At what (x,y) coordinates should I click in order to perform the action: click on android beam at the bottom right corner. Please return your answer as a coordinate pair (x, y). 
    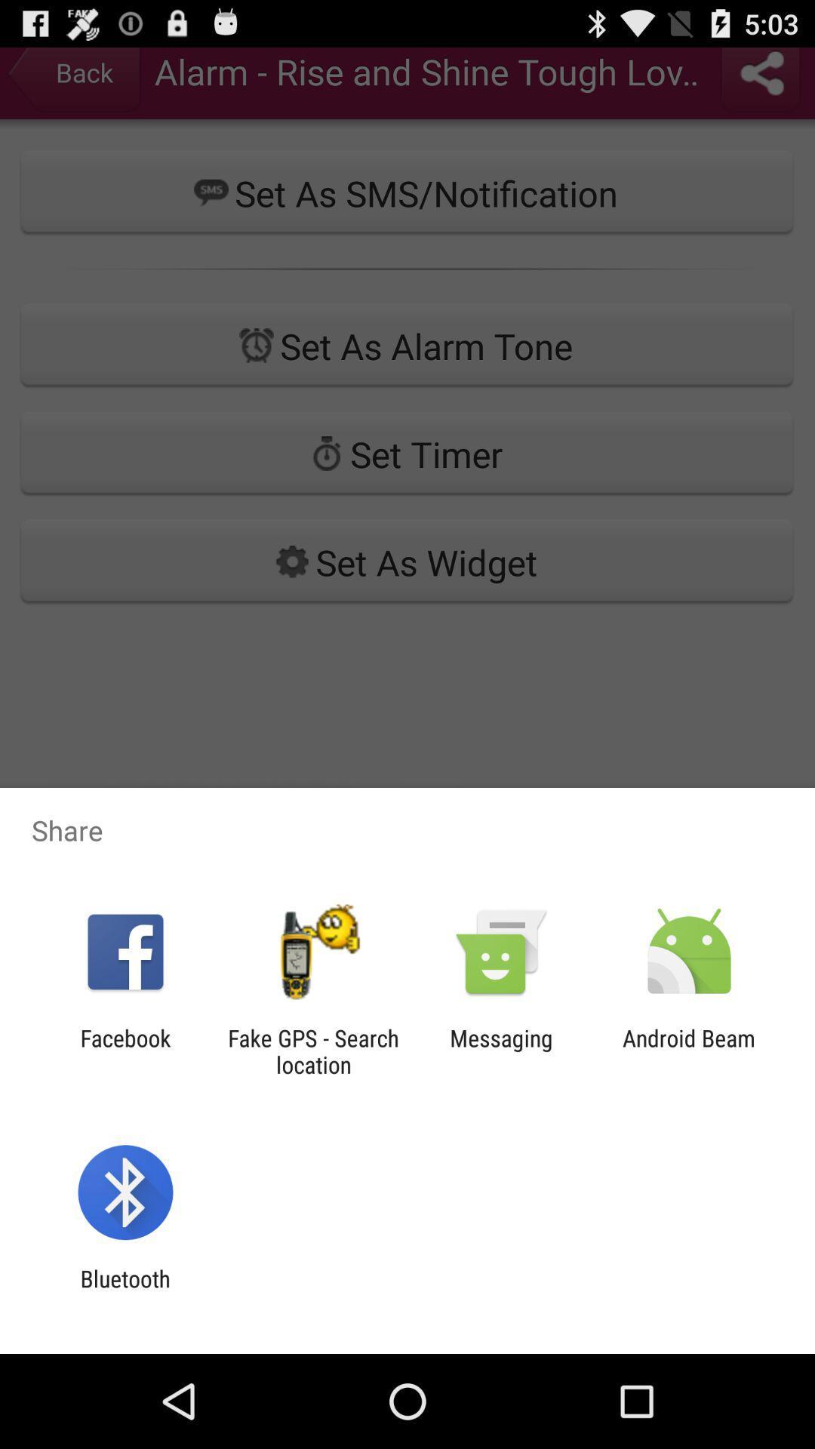
    Looking at the image, I should click on (689, 1051).